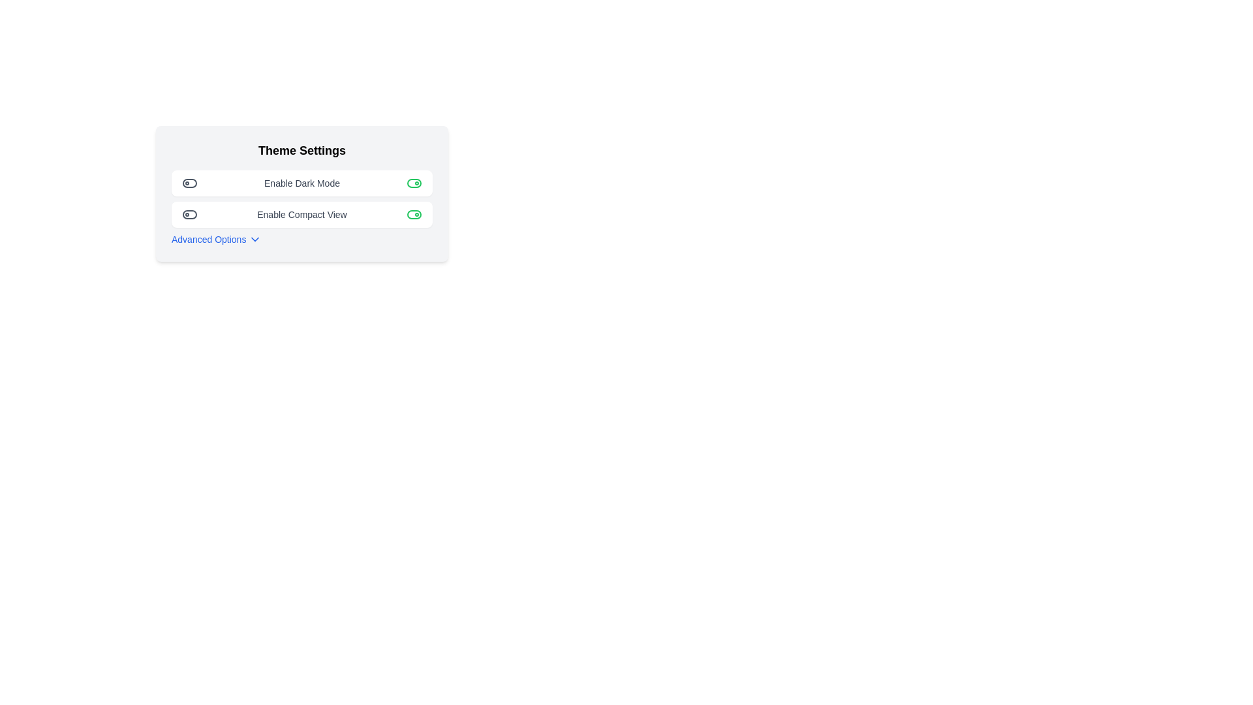 Image resolution: width=1253 pixels, height=705 pixels. Describe the element at coordinates (255, 239) in the screenshot. I see `the toggle icon for expanding or collapsing the advanced options section, located to the right of the 'Advanced Options' text` at that location.